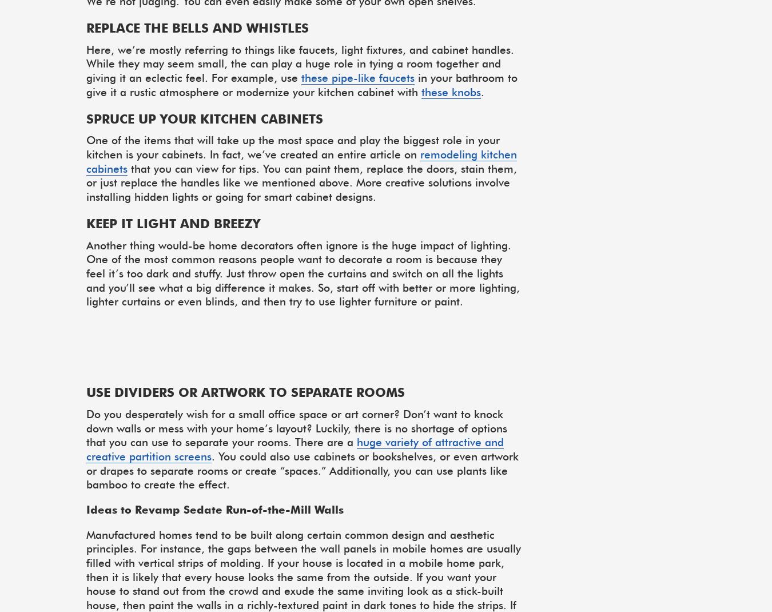 The height and width of the screenshot is (612, 772). What do you see at coordinates (357, 77) in the screenshot?
I see `'these pipe-like faucets'` at bounding box center [357, 77].